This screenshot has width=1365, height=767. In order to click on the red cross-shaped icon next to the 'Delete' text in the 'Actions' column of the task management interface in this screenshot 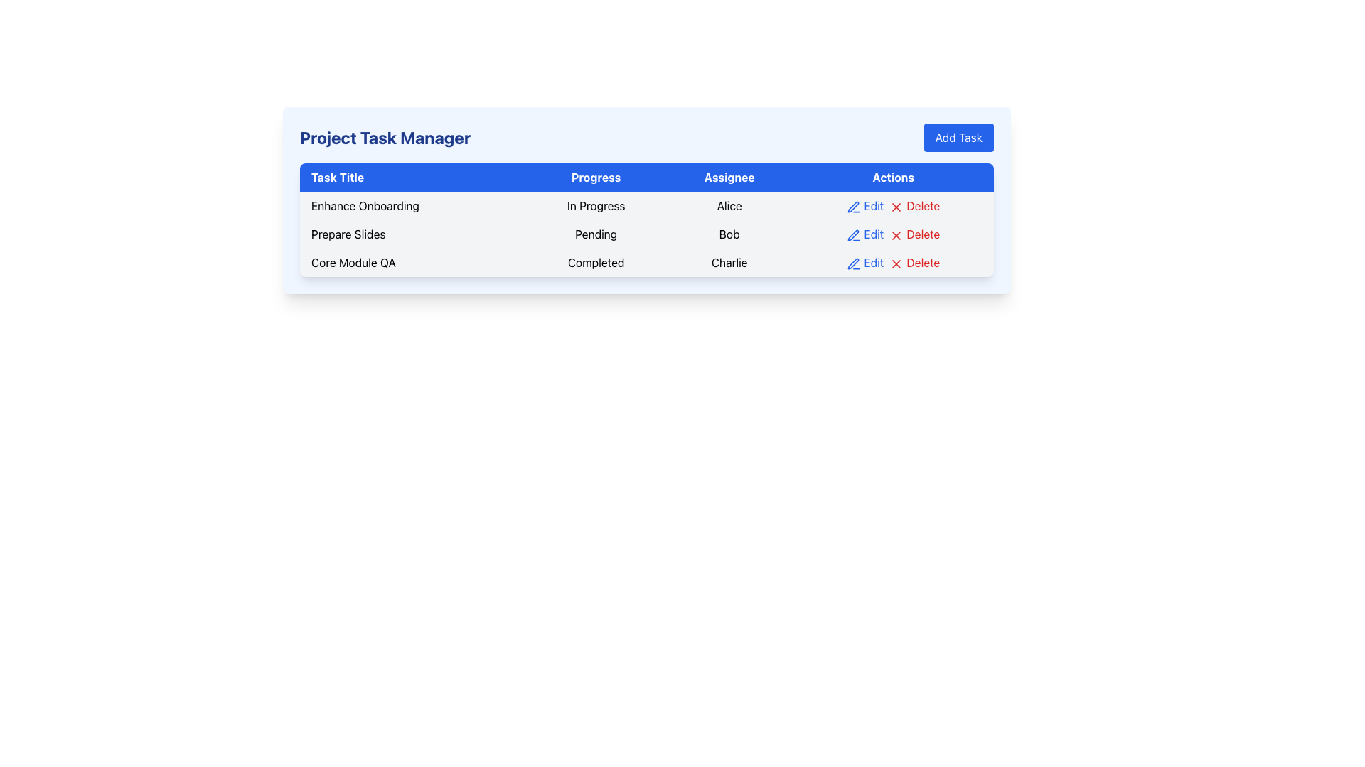, I will do `click(896, 207)`.